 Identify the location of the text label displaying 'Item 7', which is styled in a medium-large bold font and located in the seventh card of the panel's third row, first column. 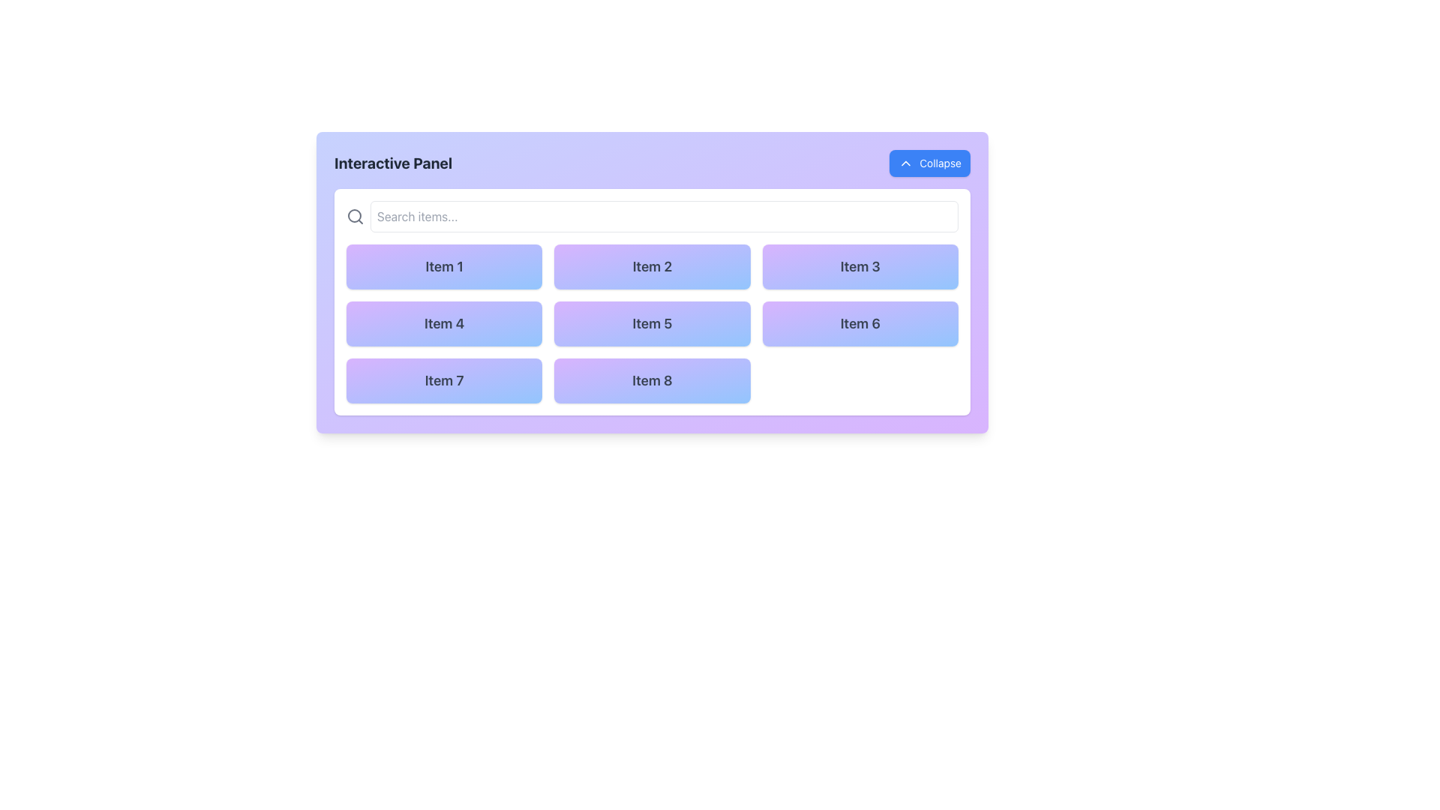
(443, 379).